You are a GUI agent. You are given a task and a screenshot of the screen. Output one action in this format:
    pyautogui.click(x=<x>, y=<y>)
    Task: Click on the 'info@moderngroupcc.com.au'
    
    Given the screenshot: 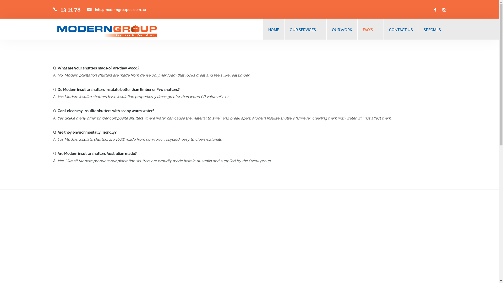 What is the action you would take?
    pyautogui.click(x=120, y=9)
    